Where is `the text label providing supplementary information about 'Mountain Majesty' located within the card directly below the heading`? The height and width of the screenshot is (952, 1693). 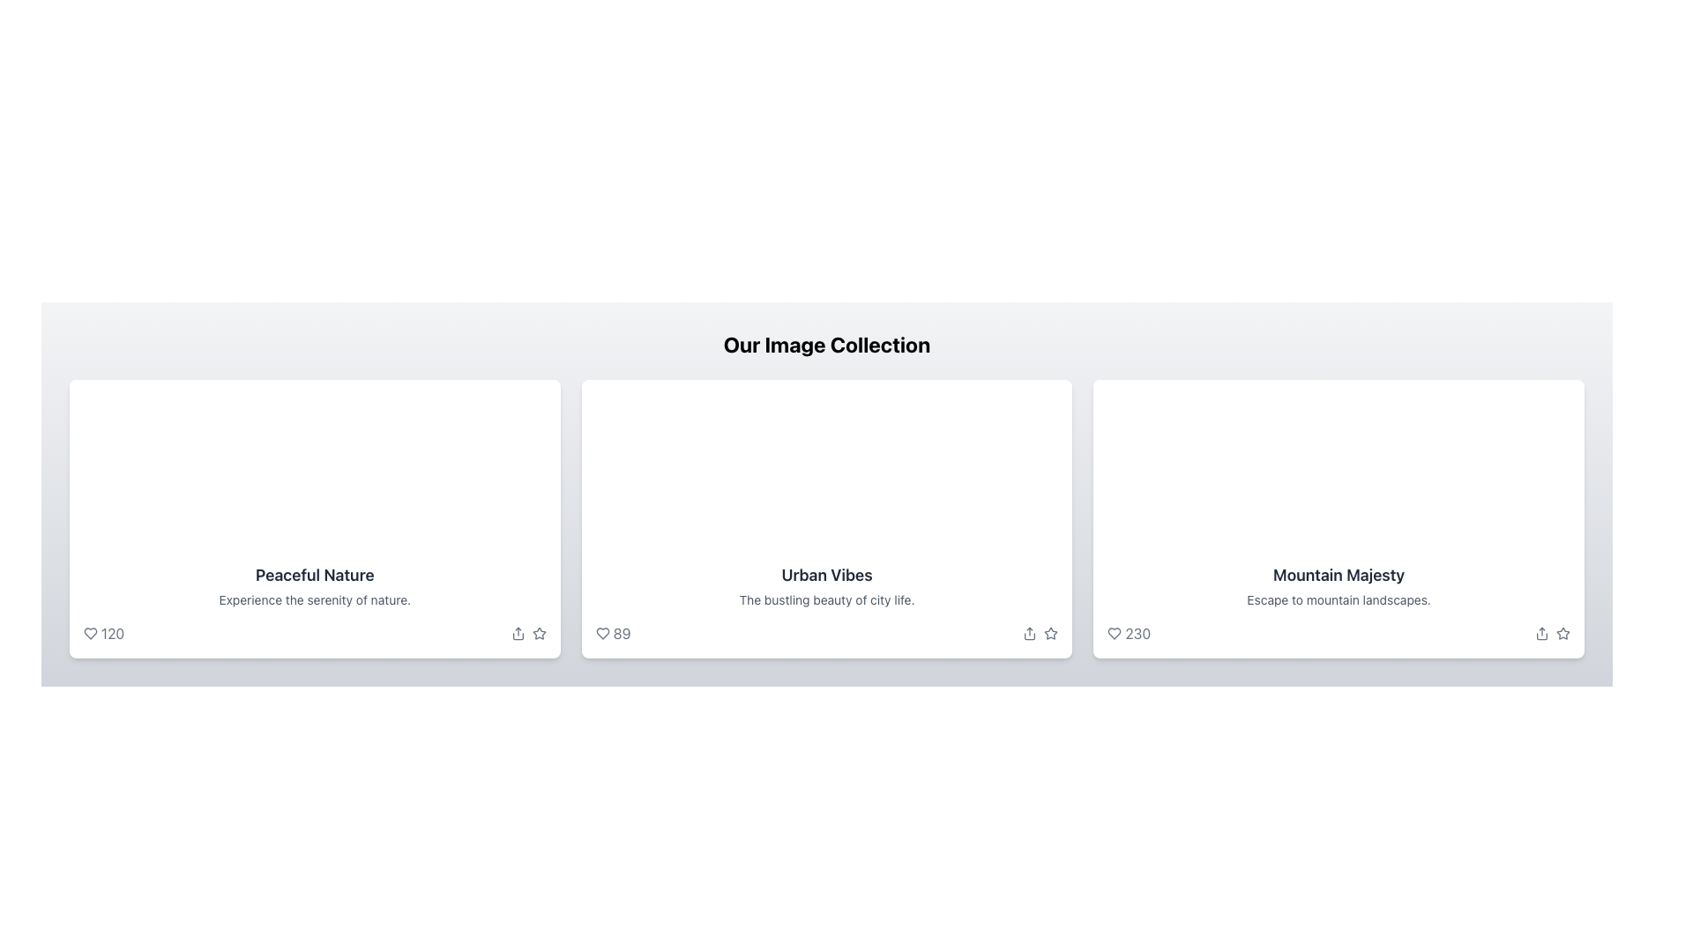 the text label providing supplementary information about 'Mountain Majesty' located within the card directly below the heading is located at coordinates (1339, 599).